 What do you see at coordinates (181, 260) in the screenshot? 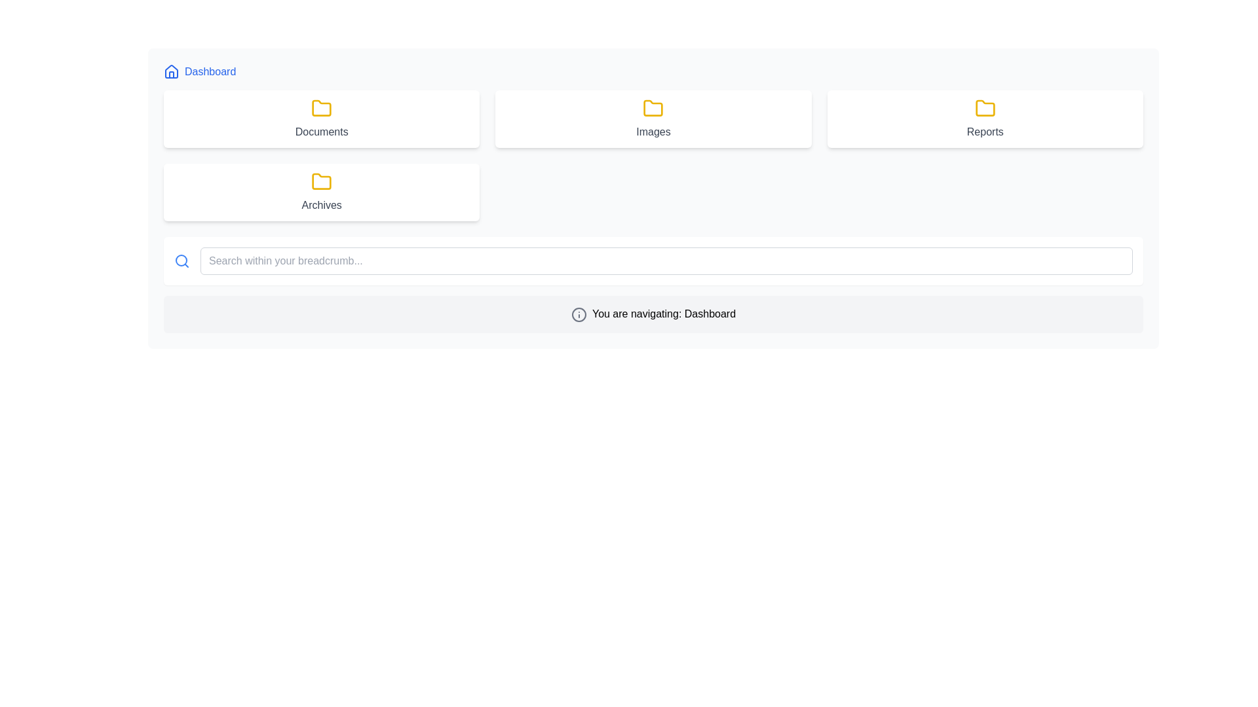
I see `the small circular shape that represents the lens of the magnifying glass within the search icon, which is located to the left of the search input box` at bounding box center [181, 260].